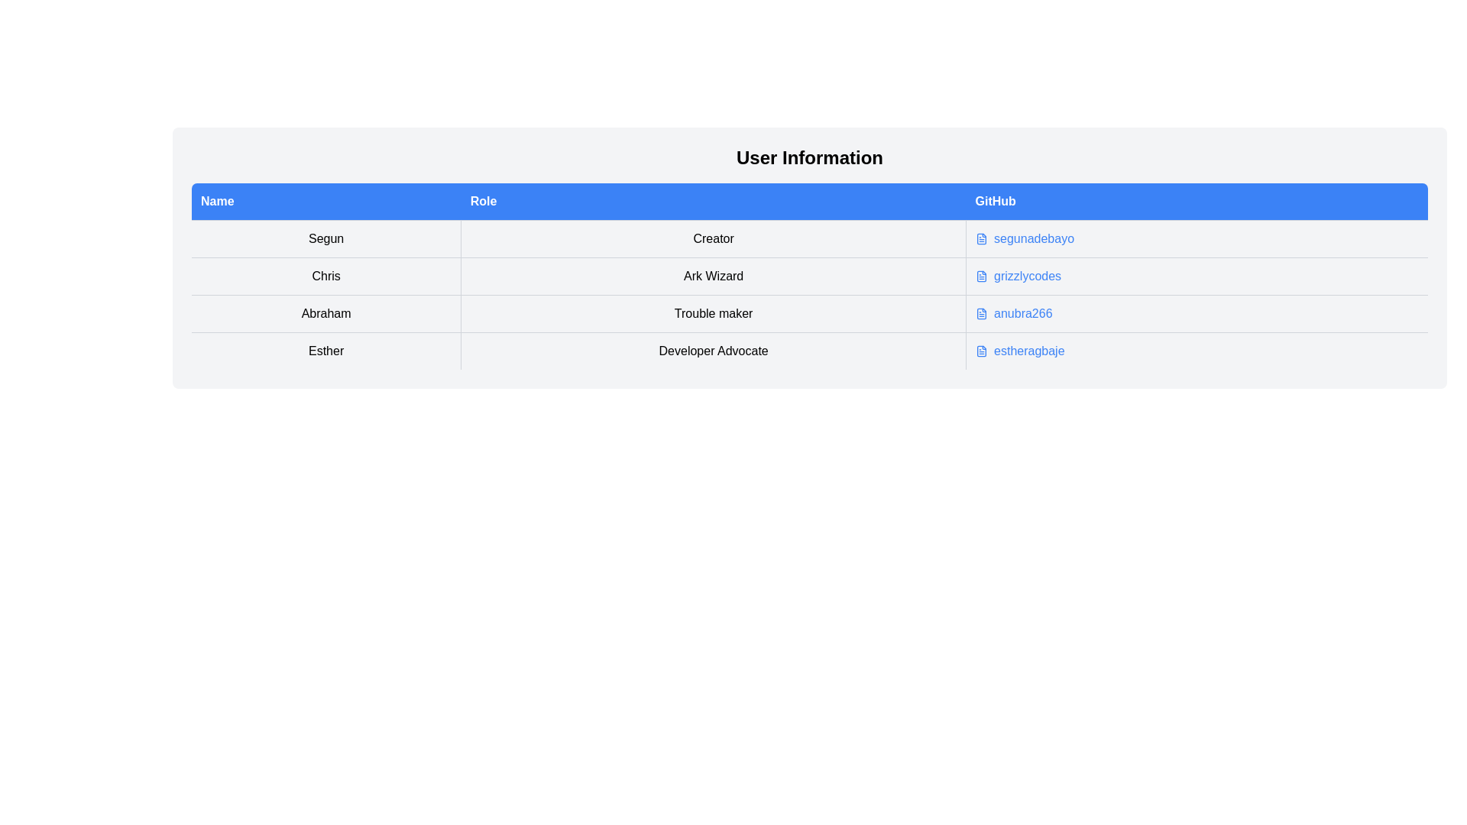 Image resolution: width=1467 pixels, height=825 pixels. Describe the element at coordinates (325, 238) in the screenshot. I see `the textual label containing 'Segun' in the first cell of the 'Name' column within the user information table` at that location.